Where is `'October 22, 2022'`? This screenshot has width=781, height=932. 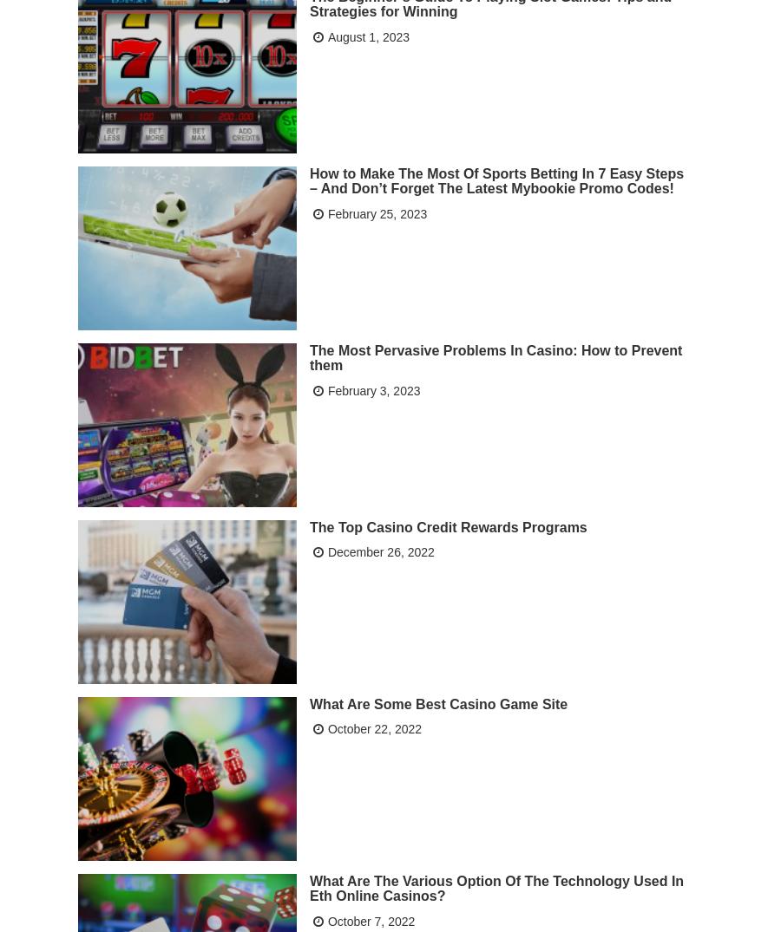 'October 22, 2022' is located at coordinates (374, 728).